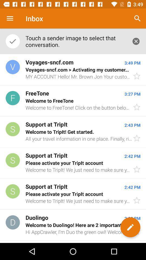  I want to click on touch a sender item, so click(75, 41).